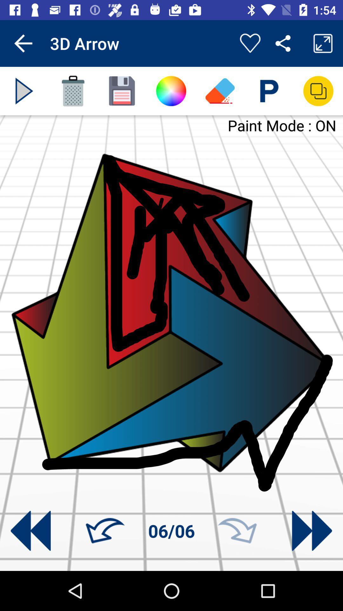  I want to click on the av_rewind icon, so click(30, 531).